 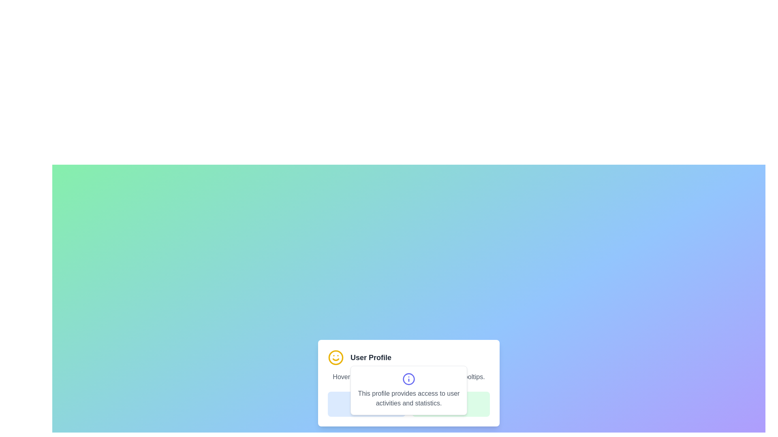 What do you see at coordinates (408, 398) in the screenshot?
I see `the informational text element located at the bottom of the tooltip in the User Profile section, which provides descriptive clarity about the profile's functionality` at bounding box center [408, 398].